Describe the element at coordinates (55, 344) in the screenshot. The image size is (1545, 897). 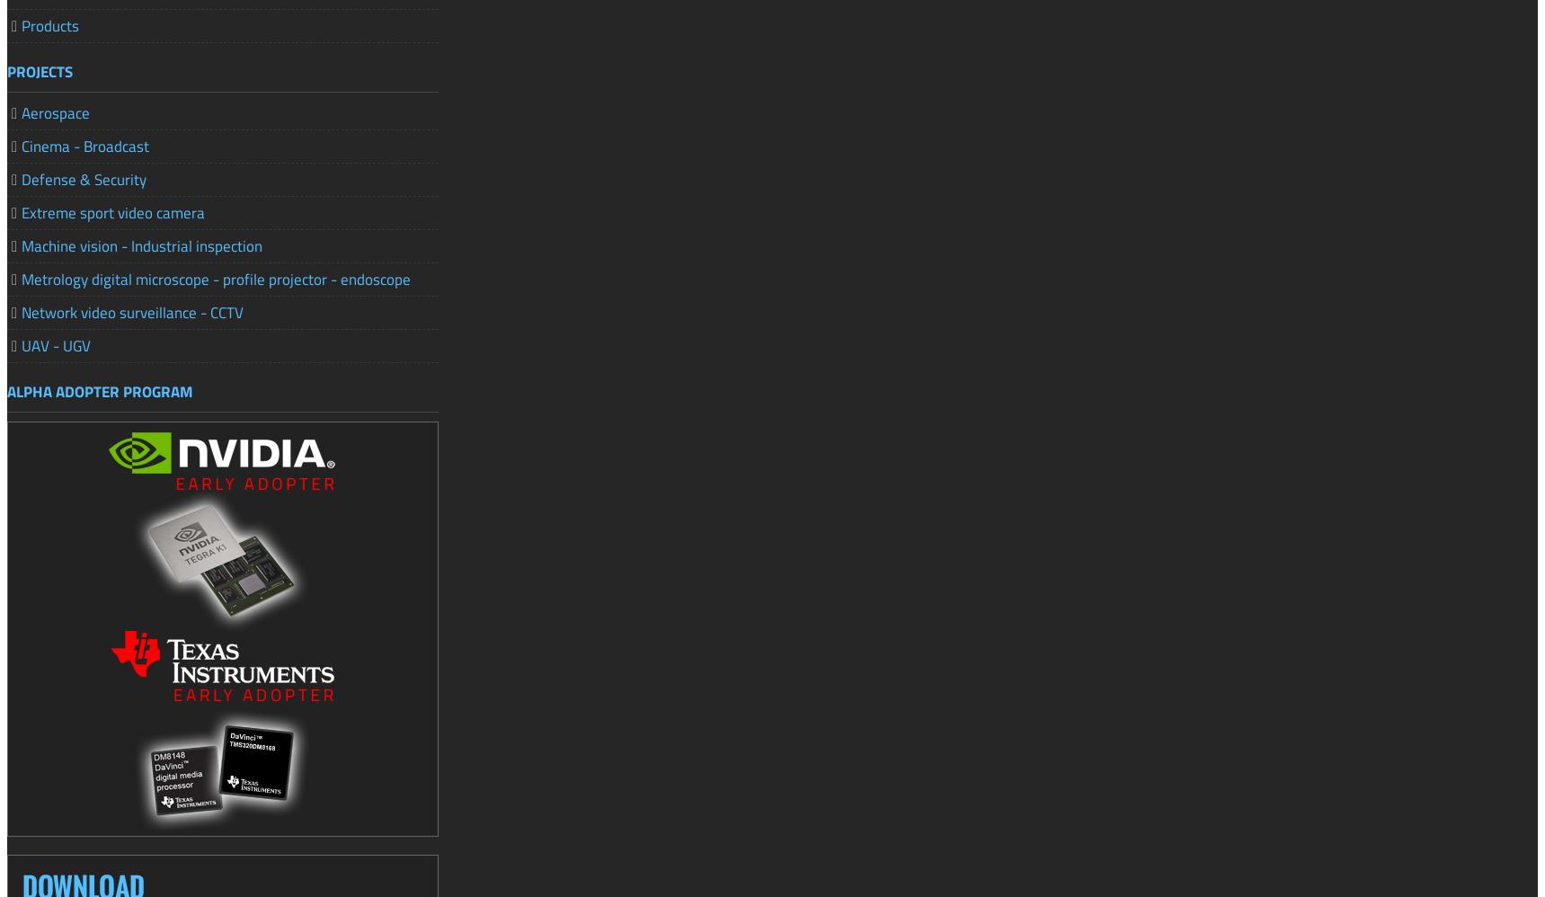
I see `'UAV - UGV'` at that location.